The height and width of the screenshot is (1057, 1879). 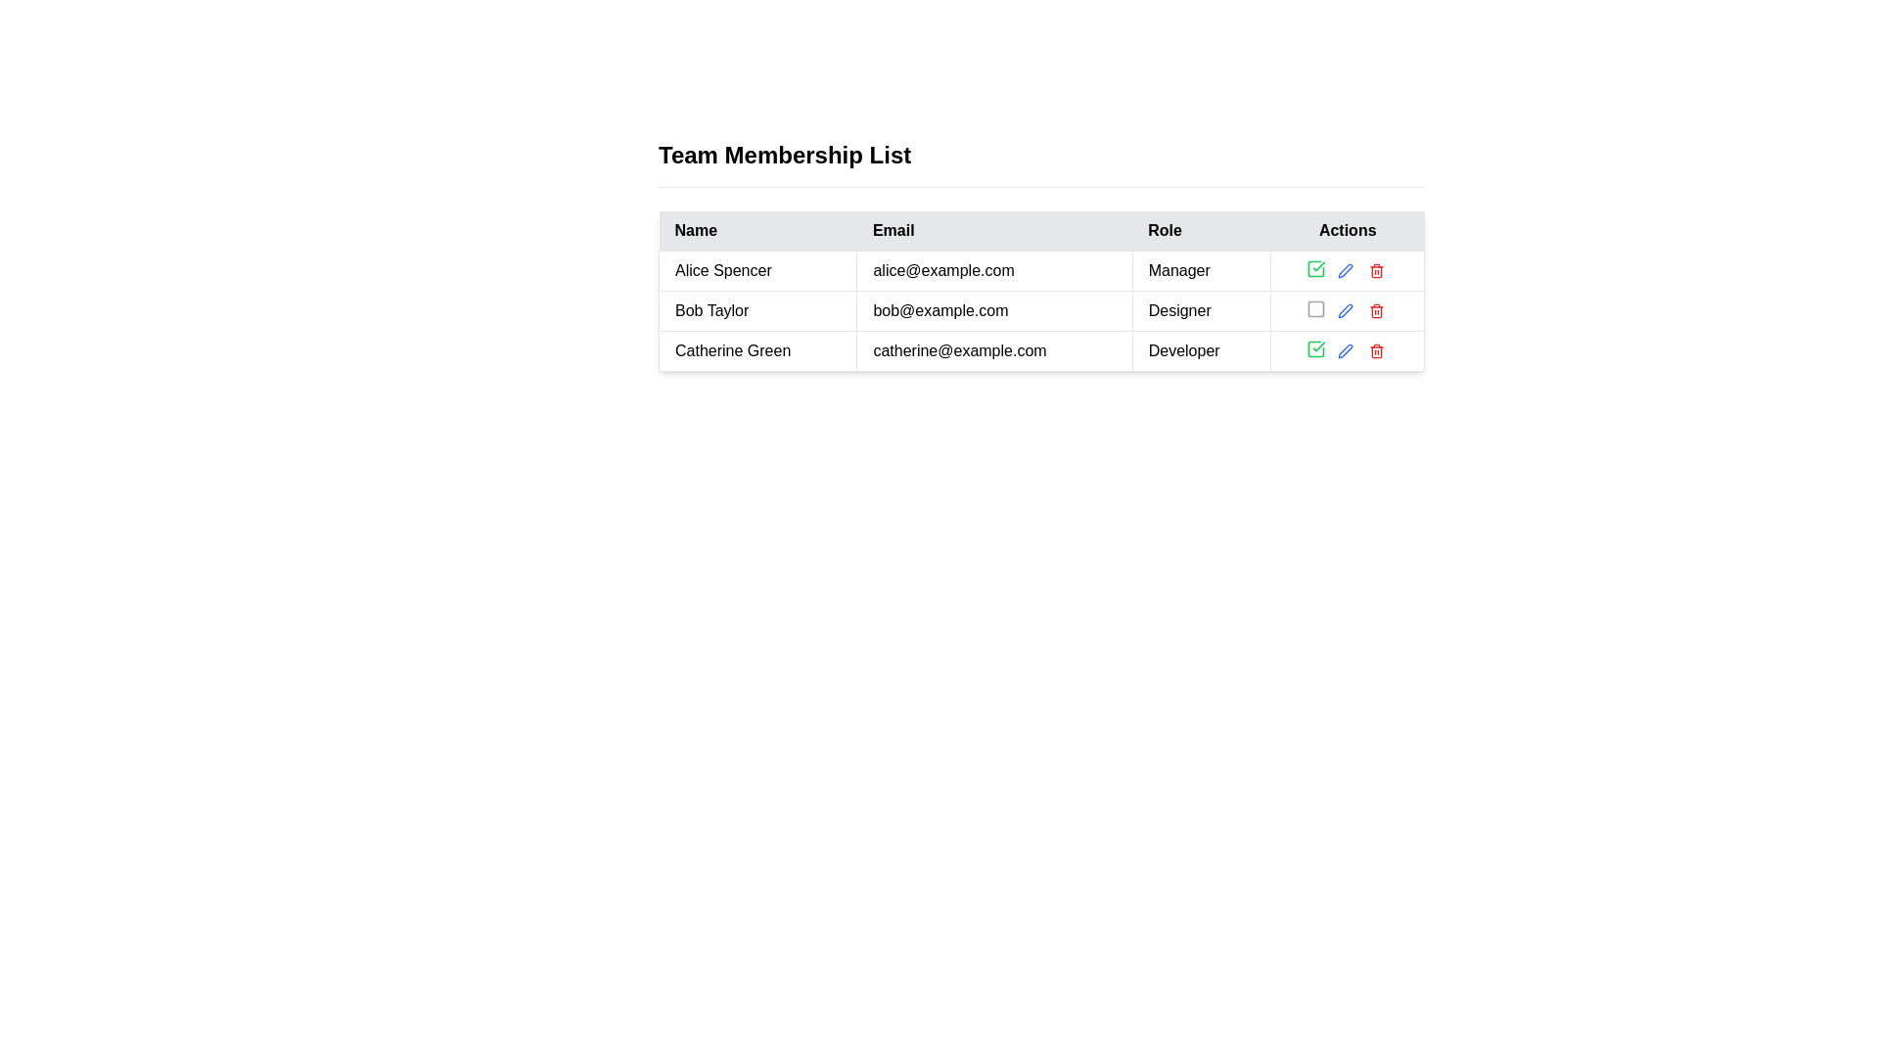 What do you see at coordinates (1347, 271) in the screenshot?
I see `the group of actionable icons in the 'Actions' column of the first row in the table for user Alice Spencer` at bounding box center [1347, 271].